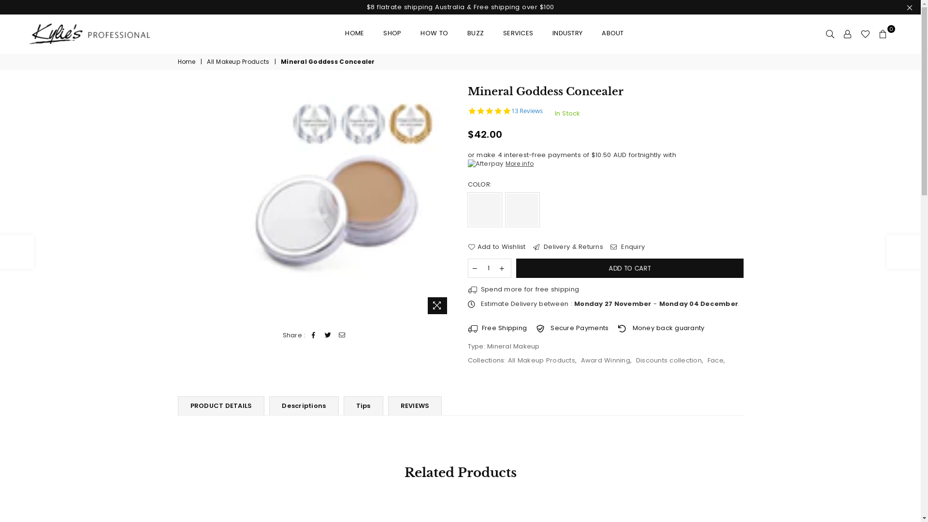 The height and width of the screenshot is (522, 928). Describe the element at coordinates (314, 335) in the screenshot. I see `'Share on Facebook'` at that location.